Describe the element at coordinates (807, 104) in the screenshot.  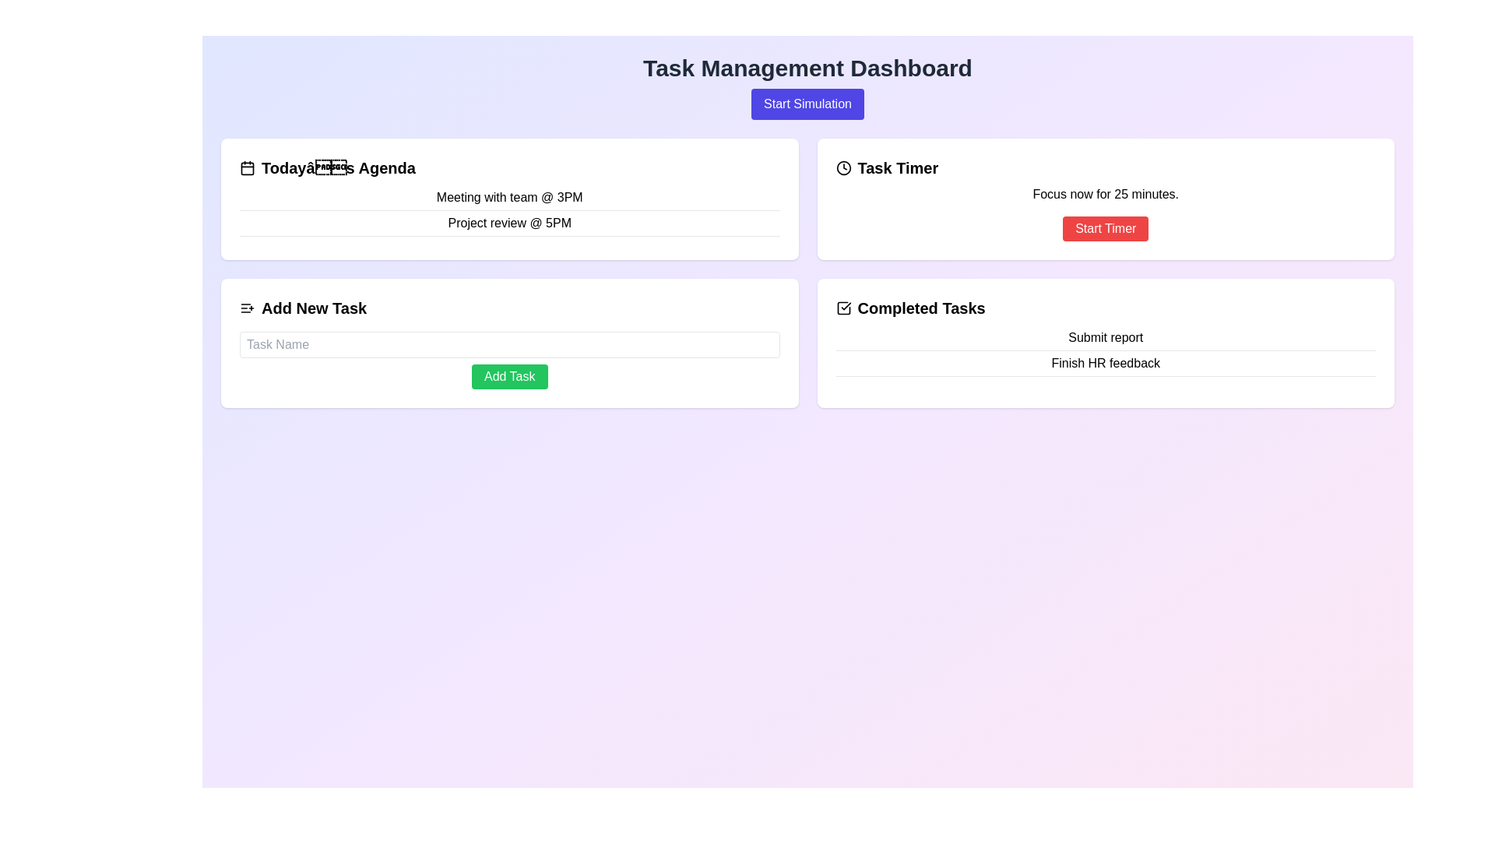
I see `the 'Start Simulation' button, which is a rectangular button with rounded corners and white text on an indigo background` at that location.